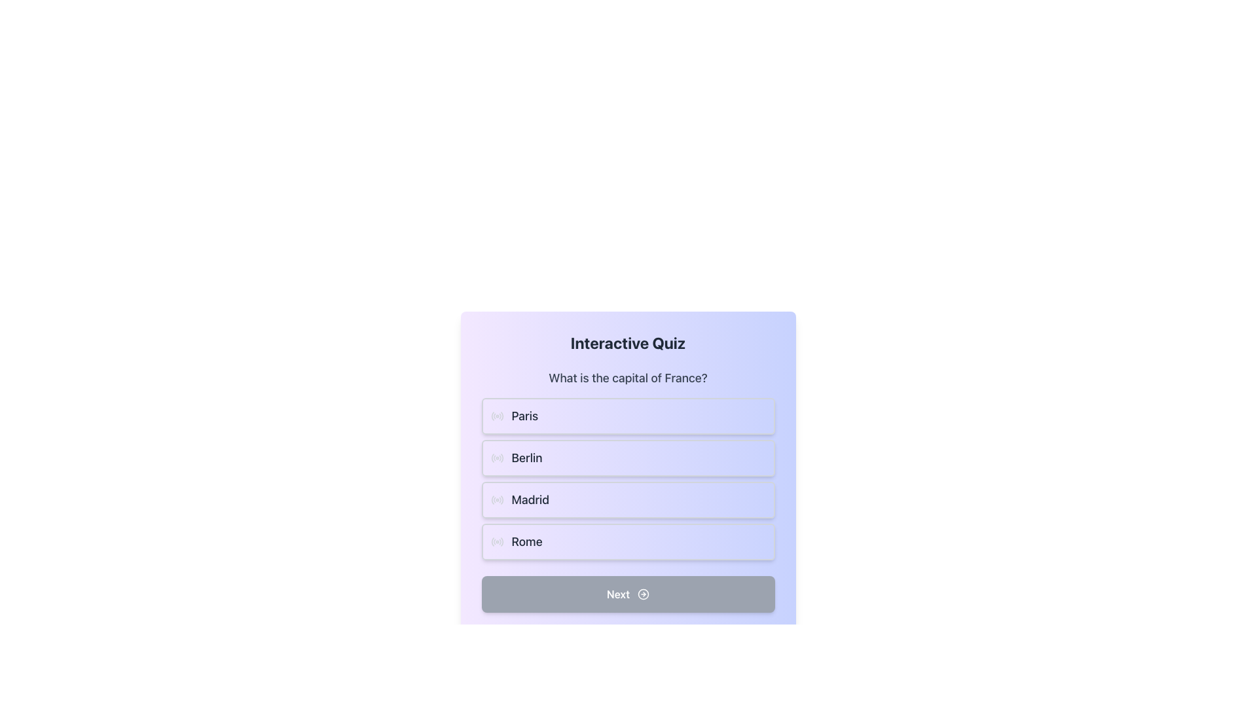 The width and height of the screenshot is (1257, 707). I want to click on the second radio button option in the quiz interface, so click(627, 457).